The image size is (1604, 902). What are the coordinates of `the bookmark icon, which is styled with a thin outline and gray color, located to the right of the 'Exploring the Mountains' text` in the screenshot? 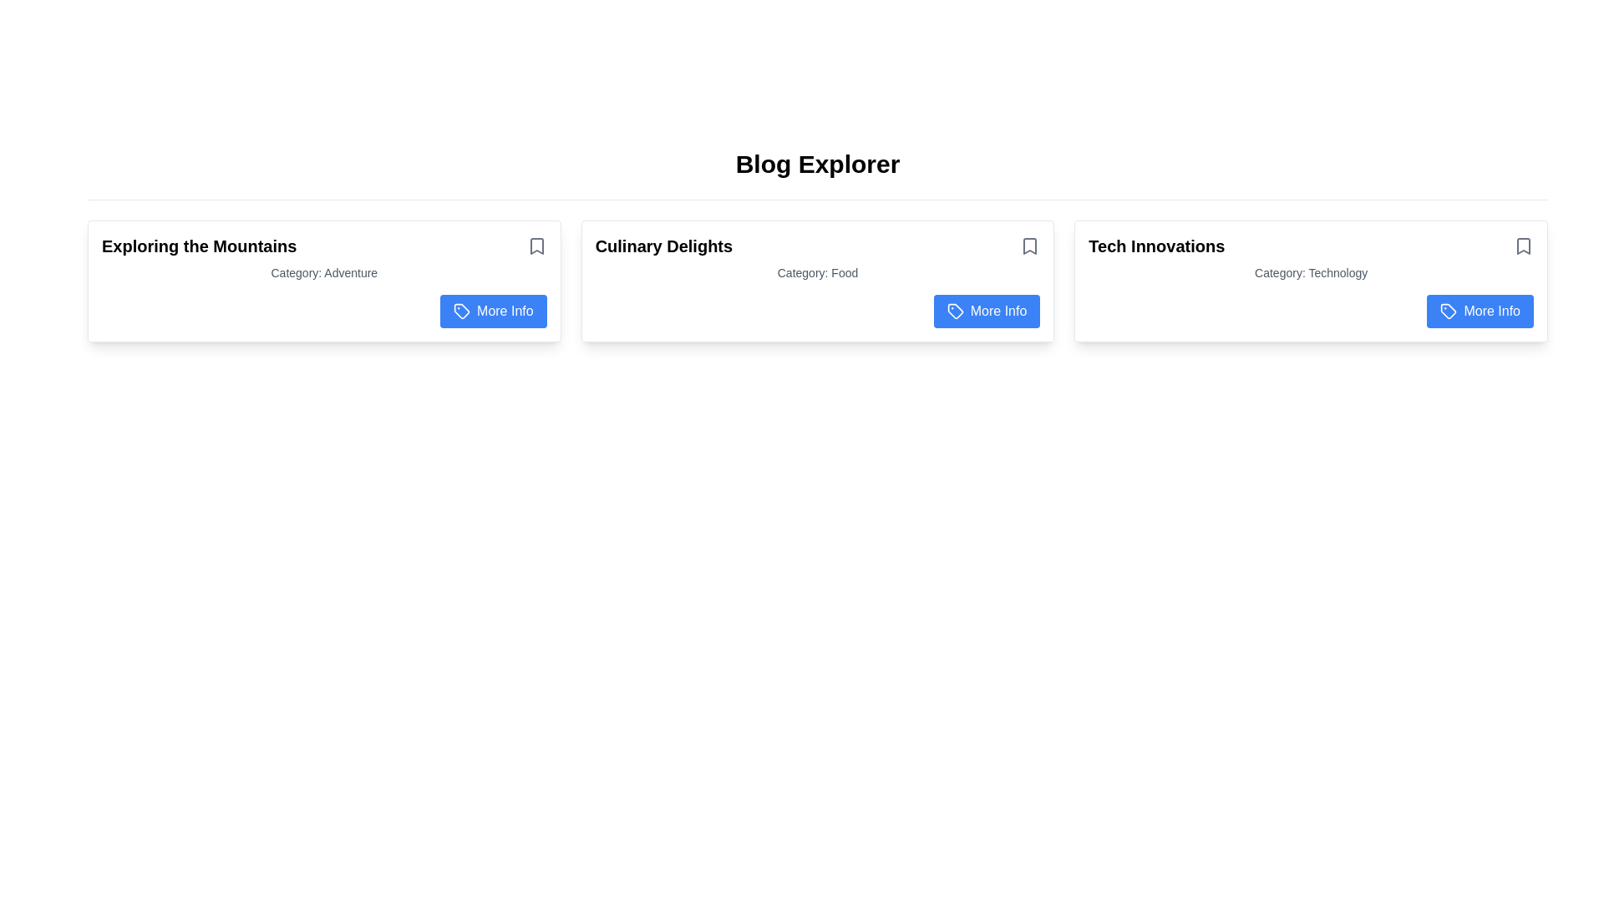 It's located at (536, 246).